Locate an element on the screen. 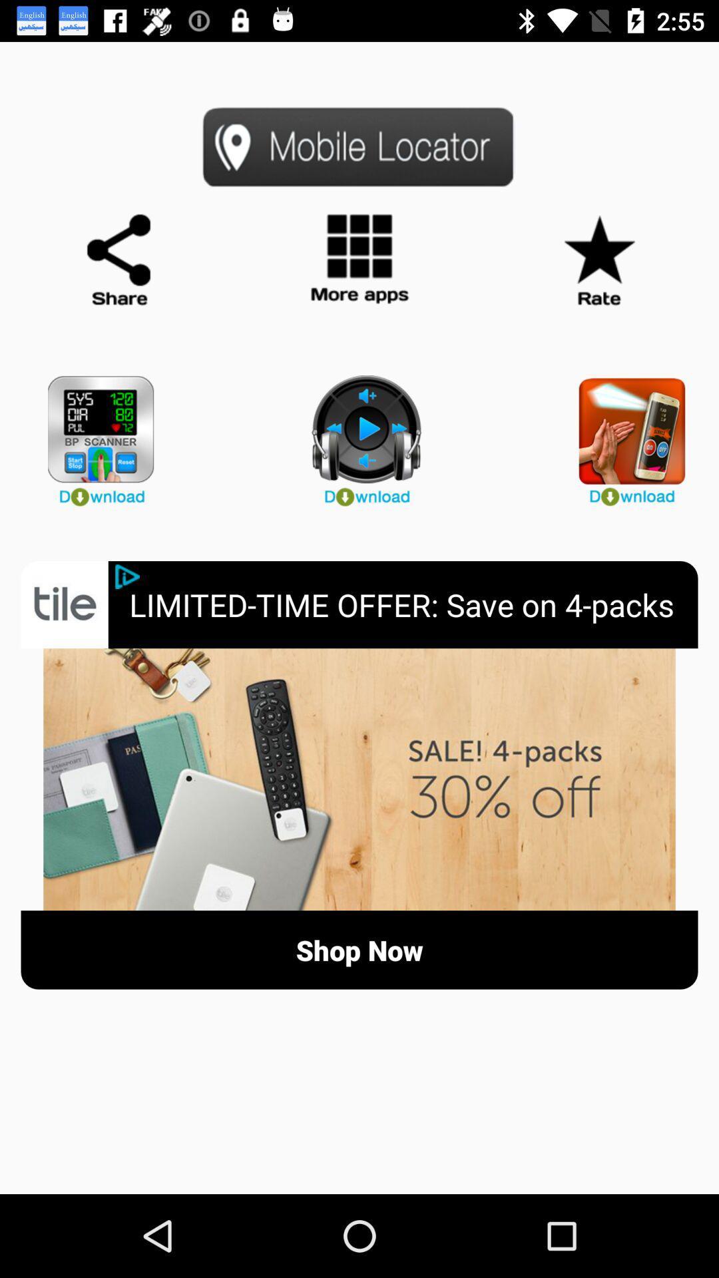 The width and height of the screenshot is (719, 1278). the limited time offer item is located at coordinates (413, 604).